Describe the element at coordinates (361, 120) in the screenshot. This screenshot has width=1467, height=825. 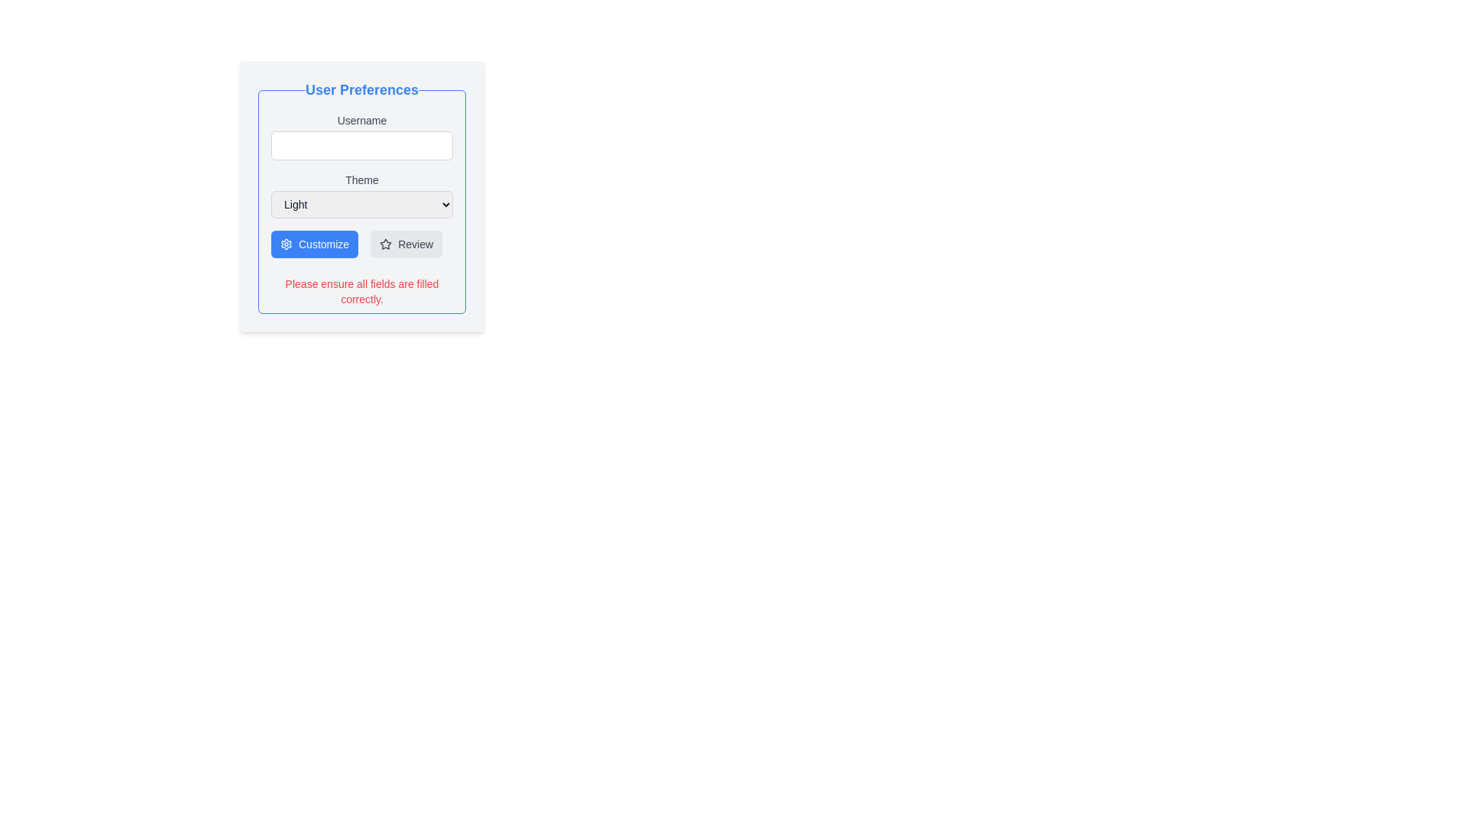
I see `the 'Username' text label, which is displayed in a smaller, medium-weight font style and is centrally aligned above an input field` at that location.